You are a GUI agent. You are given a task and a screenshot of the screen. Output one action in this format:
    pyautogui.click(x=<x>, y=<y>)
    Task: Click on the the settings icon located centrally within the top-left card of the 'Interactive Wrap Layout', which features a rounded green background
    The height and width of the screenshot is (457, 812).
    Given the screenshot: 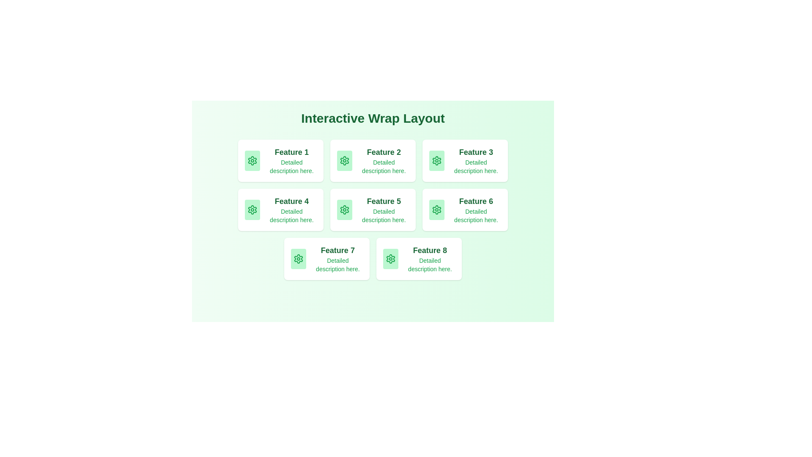 What is the action you would take?
    pyautogui.click(x=252, y=161)
    